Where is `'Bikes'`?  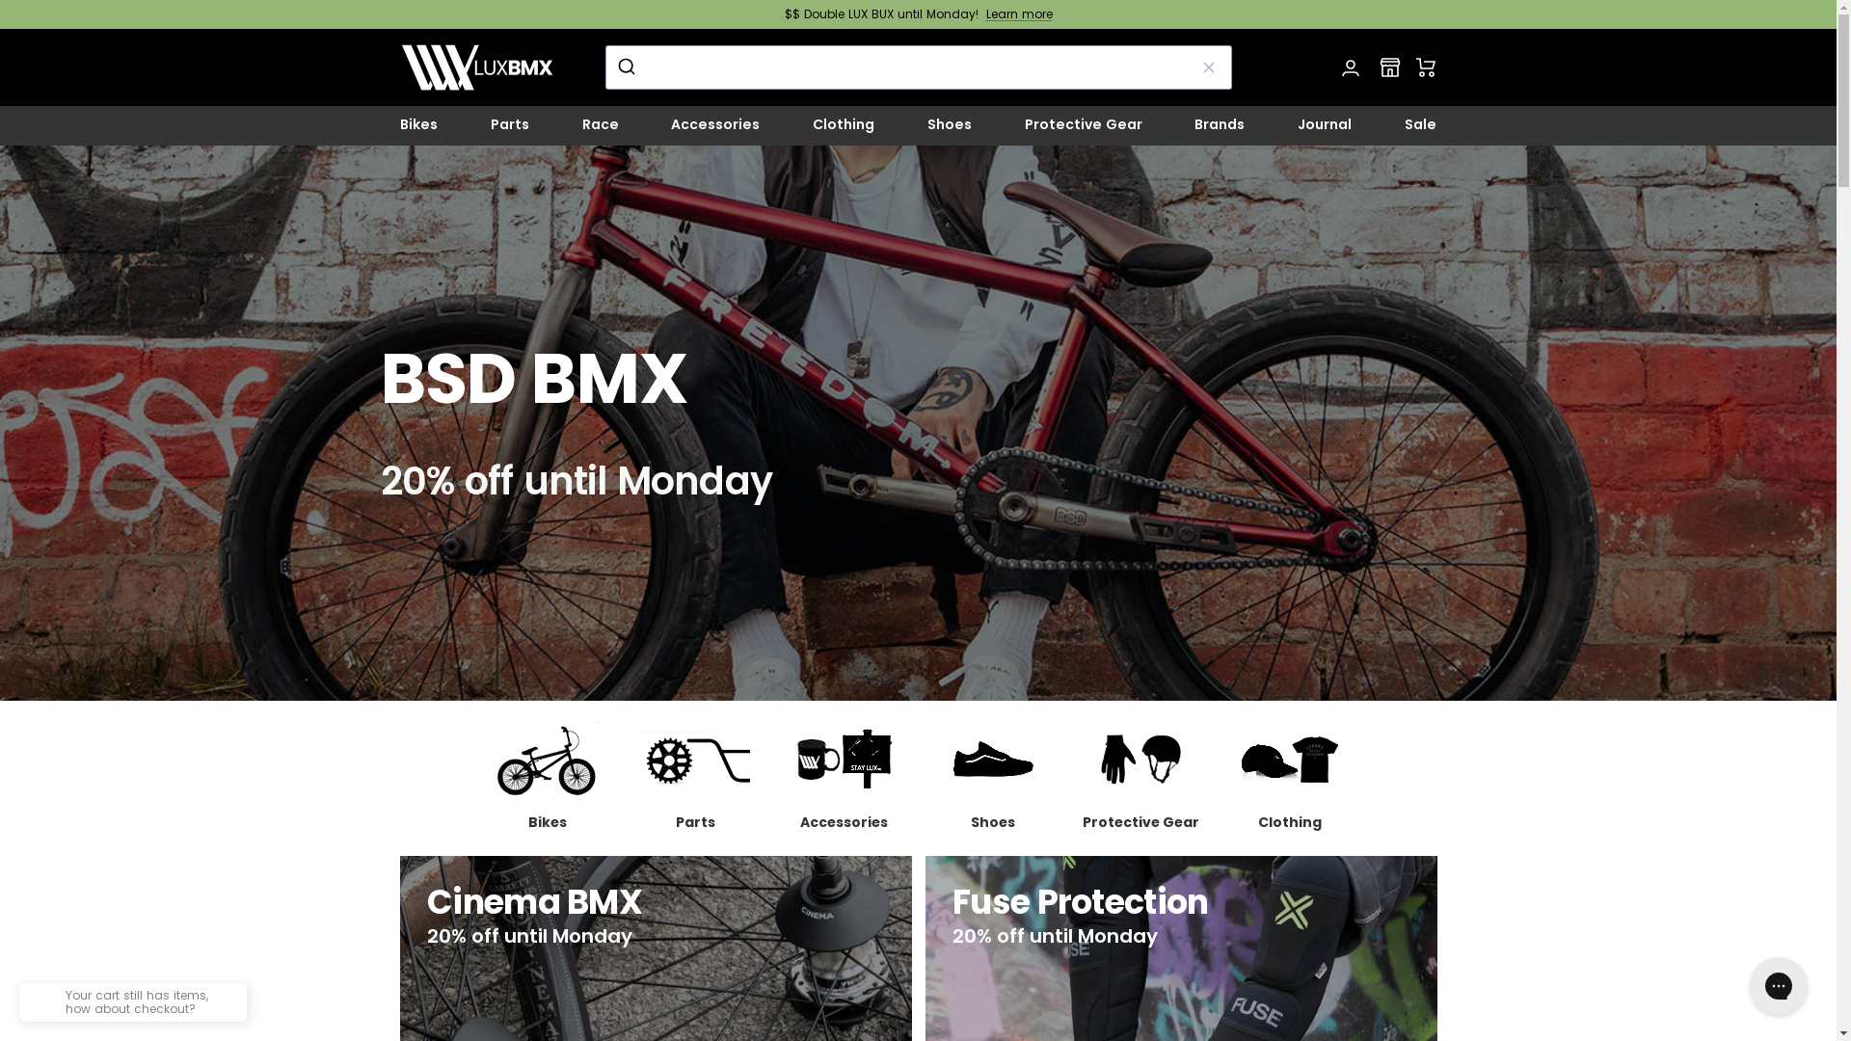 'Bikes' is located at coordinates (545, 776).